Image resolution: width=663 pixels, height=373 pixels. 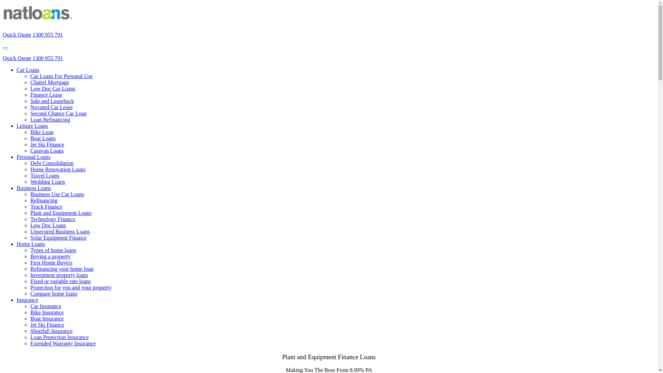 What do you see at coordinates (30, 200) in the screenshot?
I see `'Refinancing'` at bounding box center [30, 200].